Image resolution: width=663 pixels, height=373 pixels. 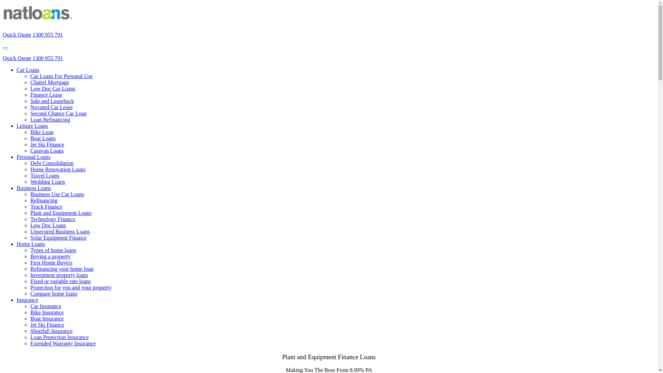 What do you see at coordinates (30, 200) in the screenshot?
I see `'Refinancing'` at bounding box center [30, 200].